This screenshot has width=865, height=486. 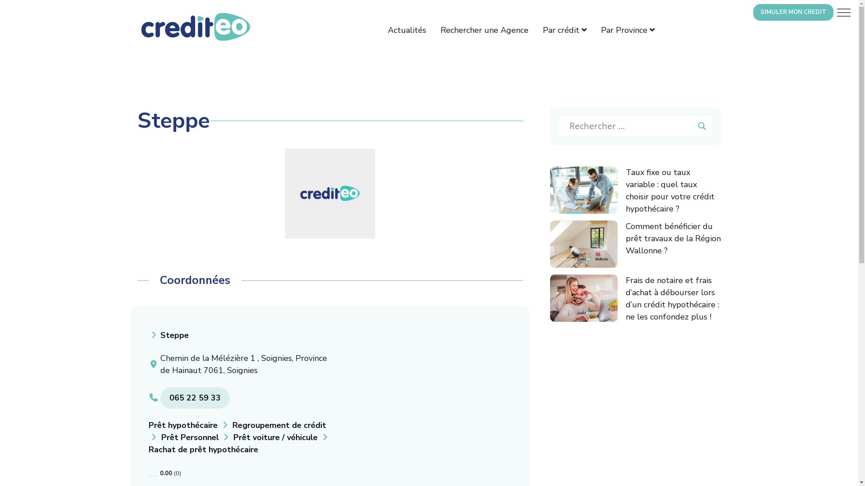 I want to click on 'Par Province', so click(x=601, y=29).